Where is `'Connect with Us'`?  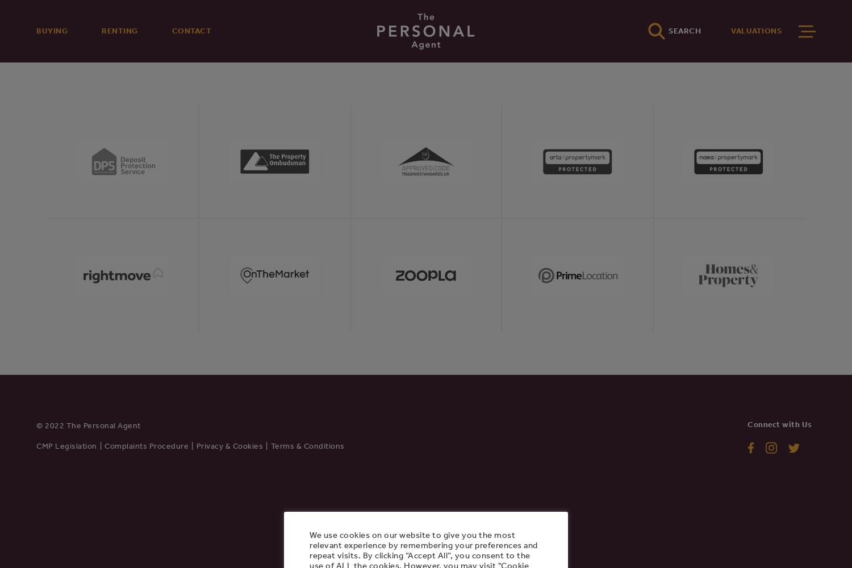 'Connect with Us' is located at coordinates (779, 424).